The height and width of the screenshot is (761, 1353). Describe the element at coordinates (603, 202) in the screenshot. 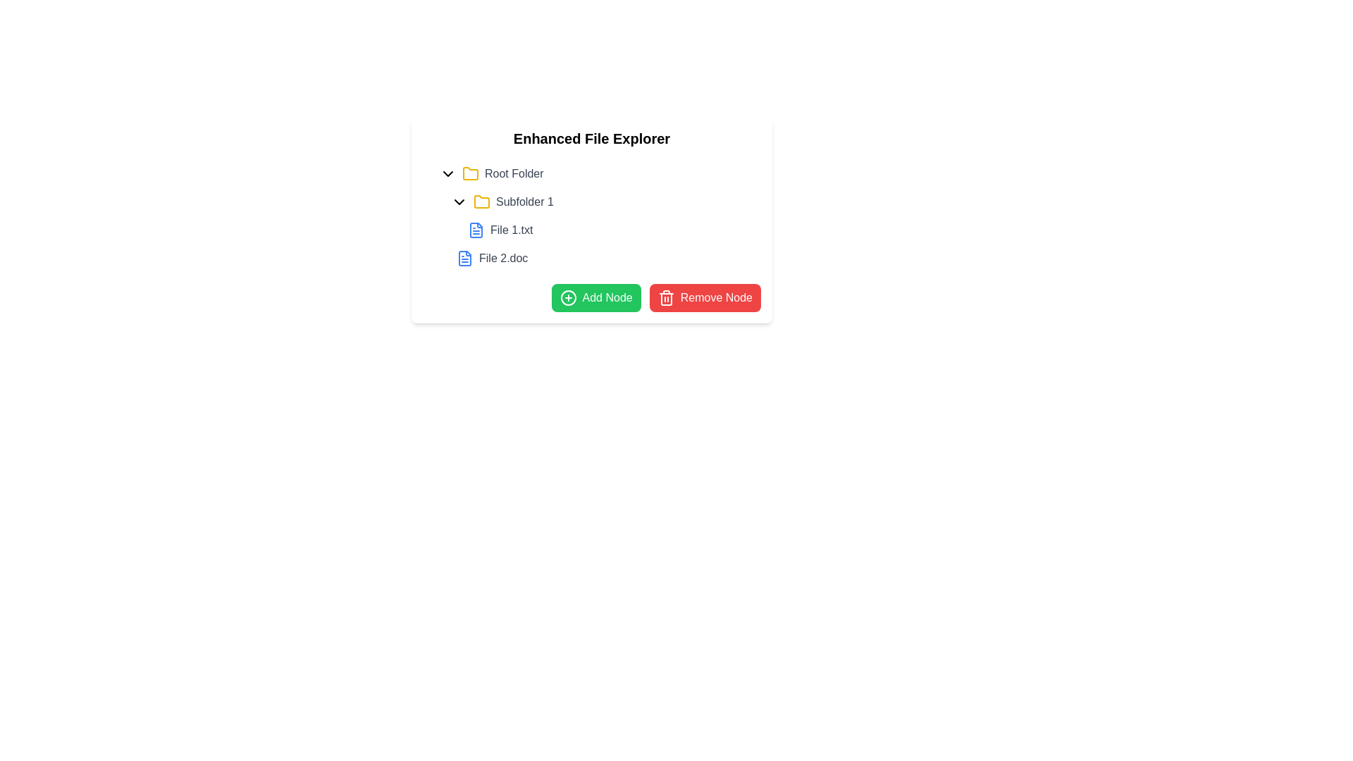

I see `the Interactive folder entry labeled 'Subfolder 1'` at that location.